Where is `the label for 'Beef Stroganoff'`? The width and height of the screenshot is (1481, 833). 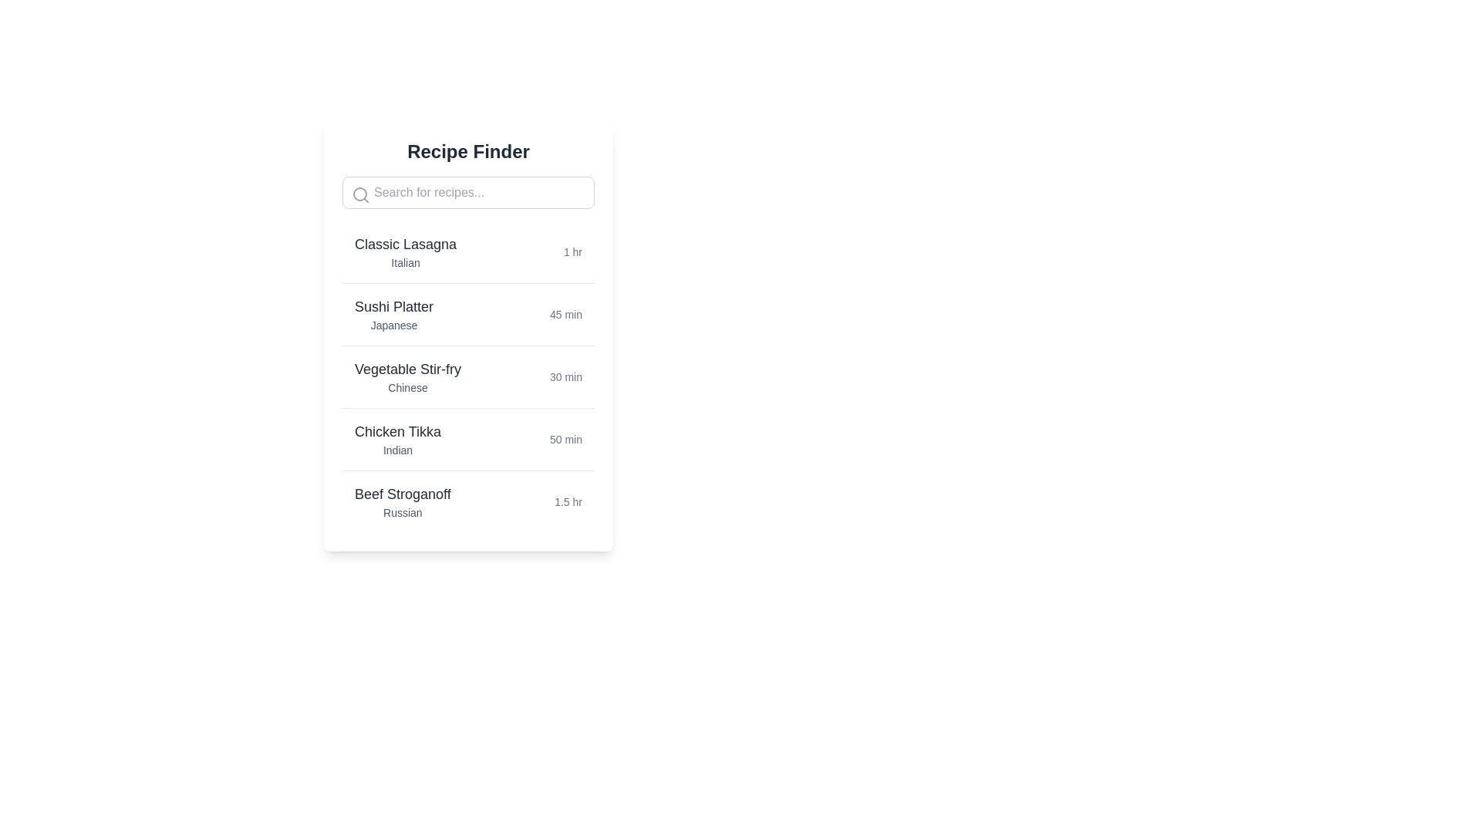 the label for 'Beef Stroganoff' is located at coordinates (403, 494).